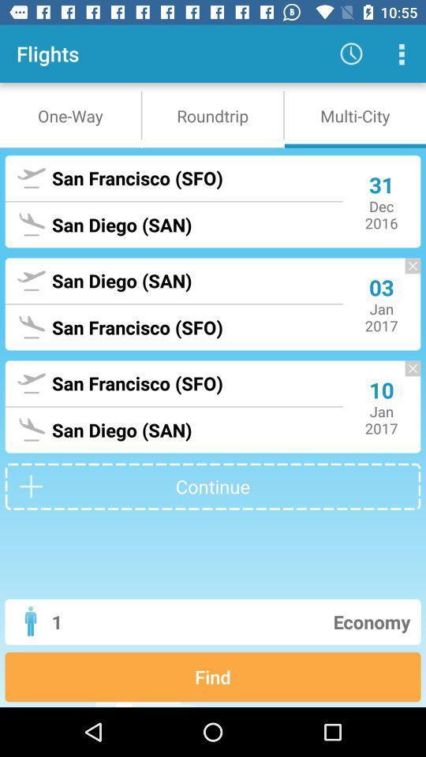  I want to click on icon to the right of the 1, so click(272, 621).